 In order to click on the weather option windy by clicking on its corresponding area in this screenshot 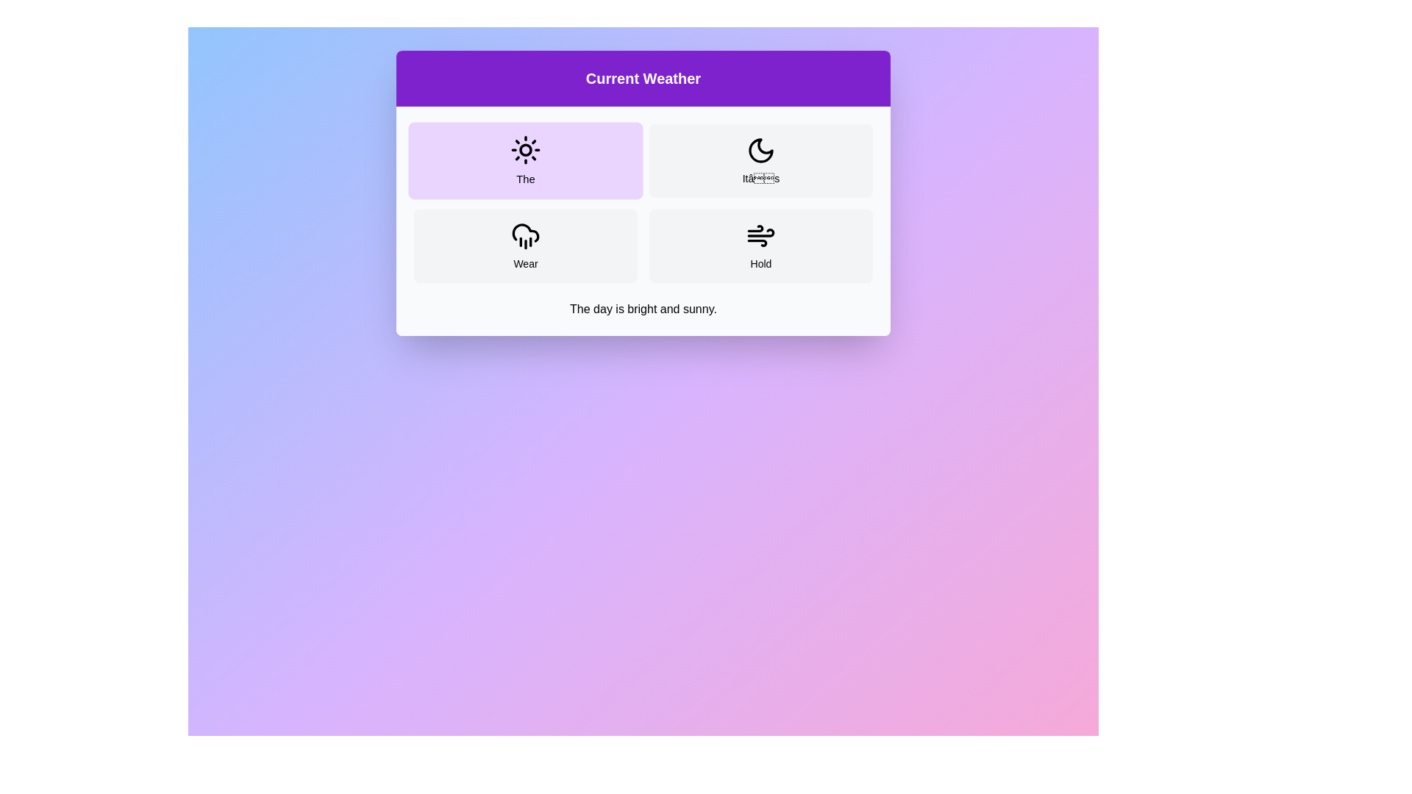, I will do `click(761, 246)`.